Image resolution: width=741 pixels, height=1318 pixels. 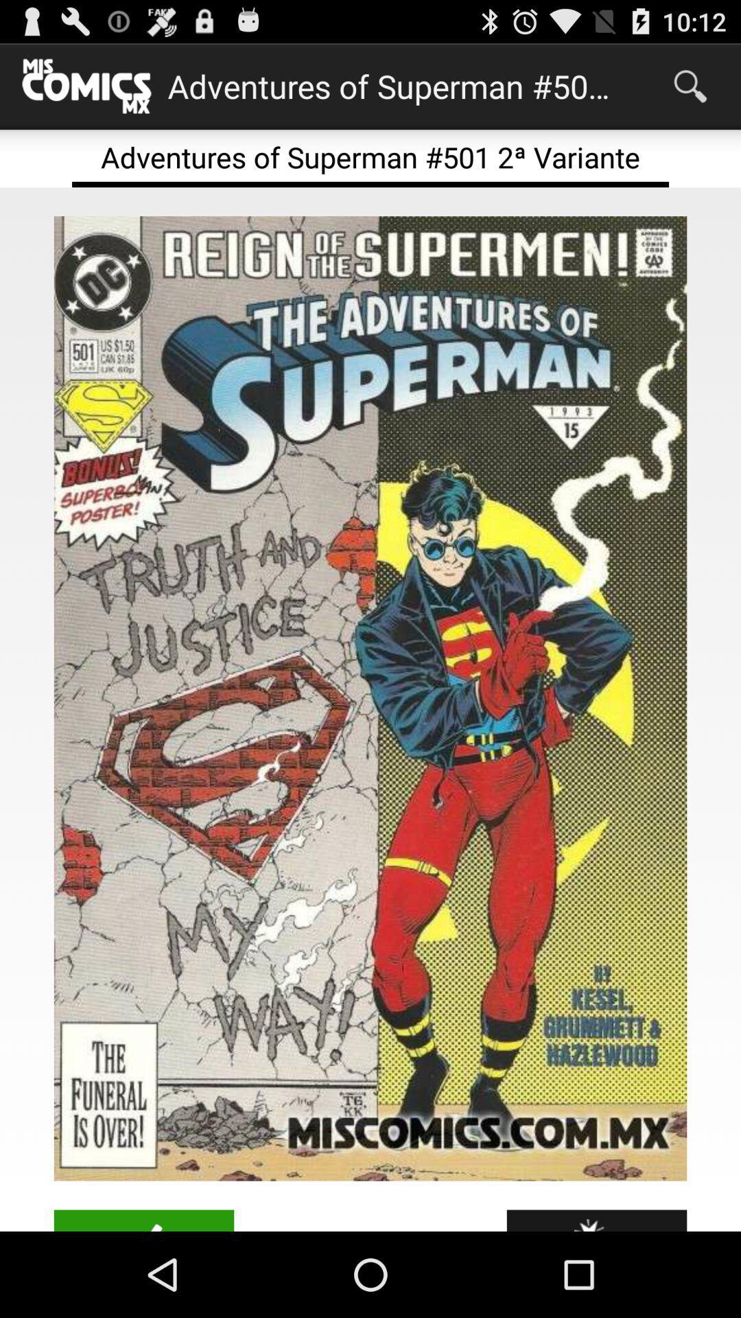 I want to click on creat message, so click(x=143, y=1221).